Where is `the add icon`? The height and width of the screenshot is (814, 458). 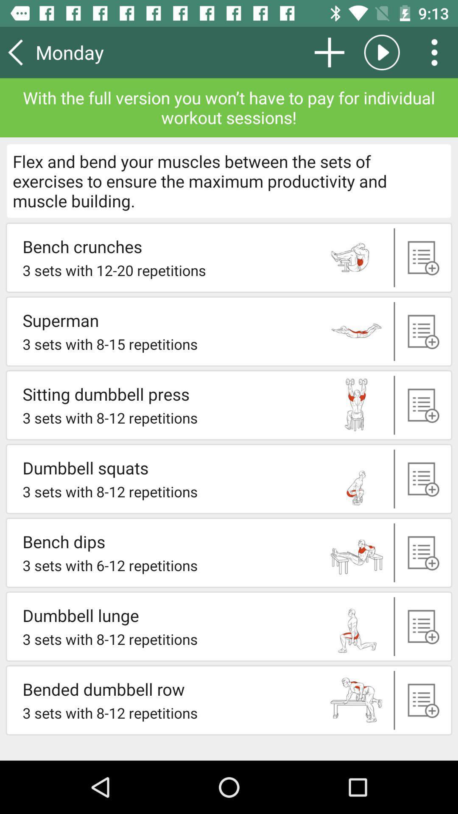
the add icon is located at coordinates (421, 700).